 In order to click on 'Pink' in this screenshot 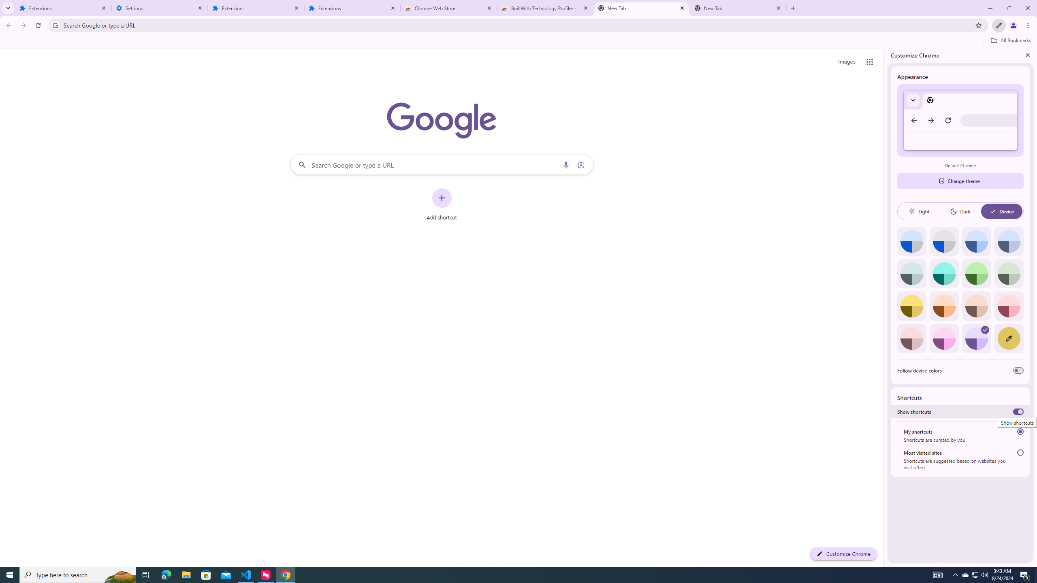, I will do `click(911, 338)`.